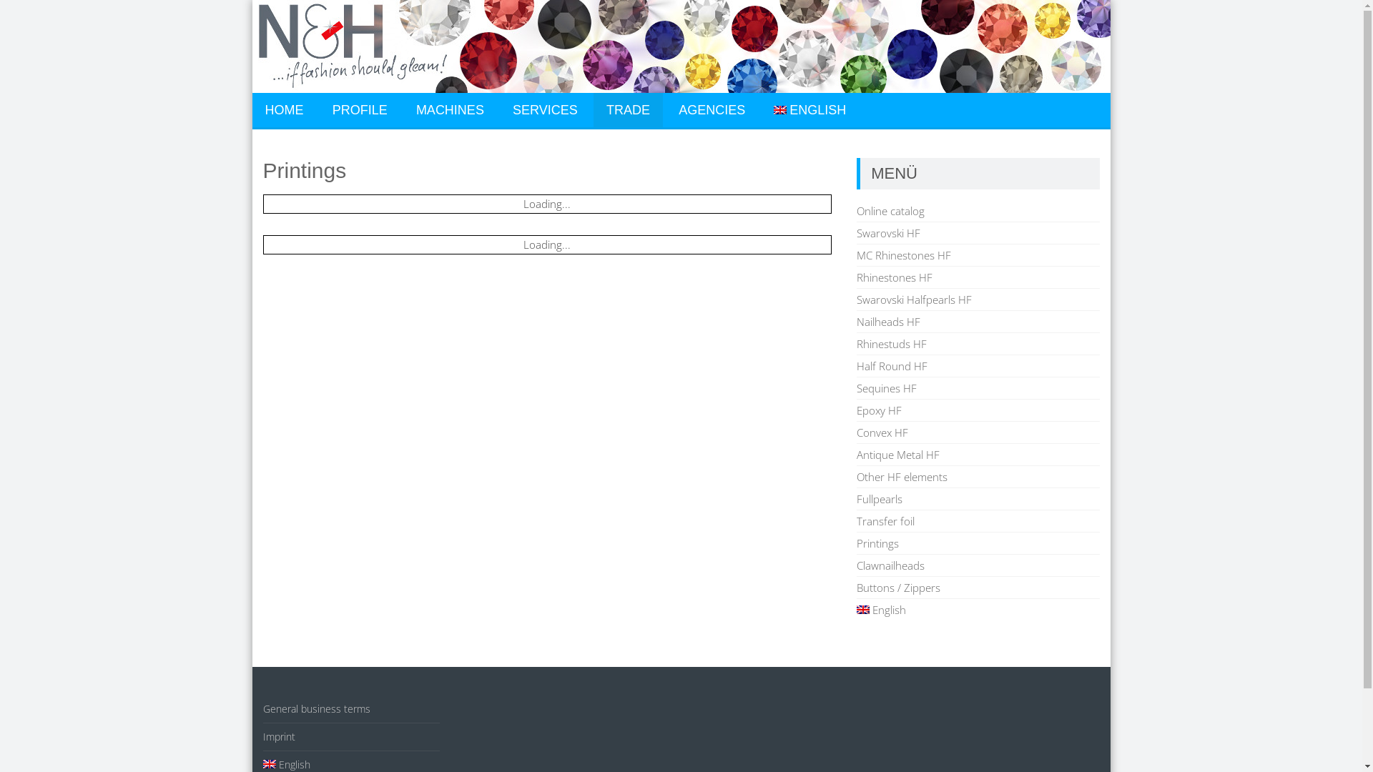 This screenshot has height=772, width=1373. I want to click on 'English', so click(880, 609).